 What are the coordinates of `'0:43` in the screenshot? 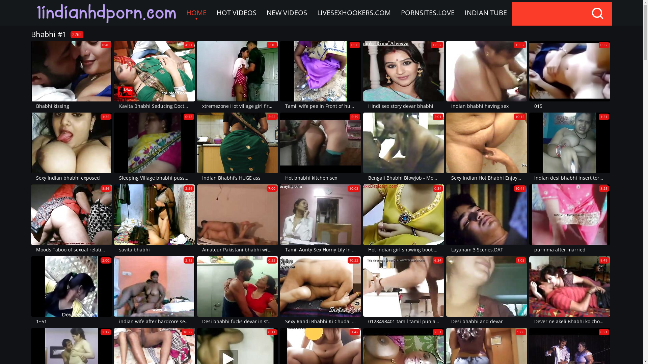 It's located at (154, 147).